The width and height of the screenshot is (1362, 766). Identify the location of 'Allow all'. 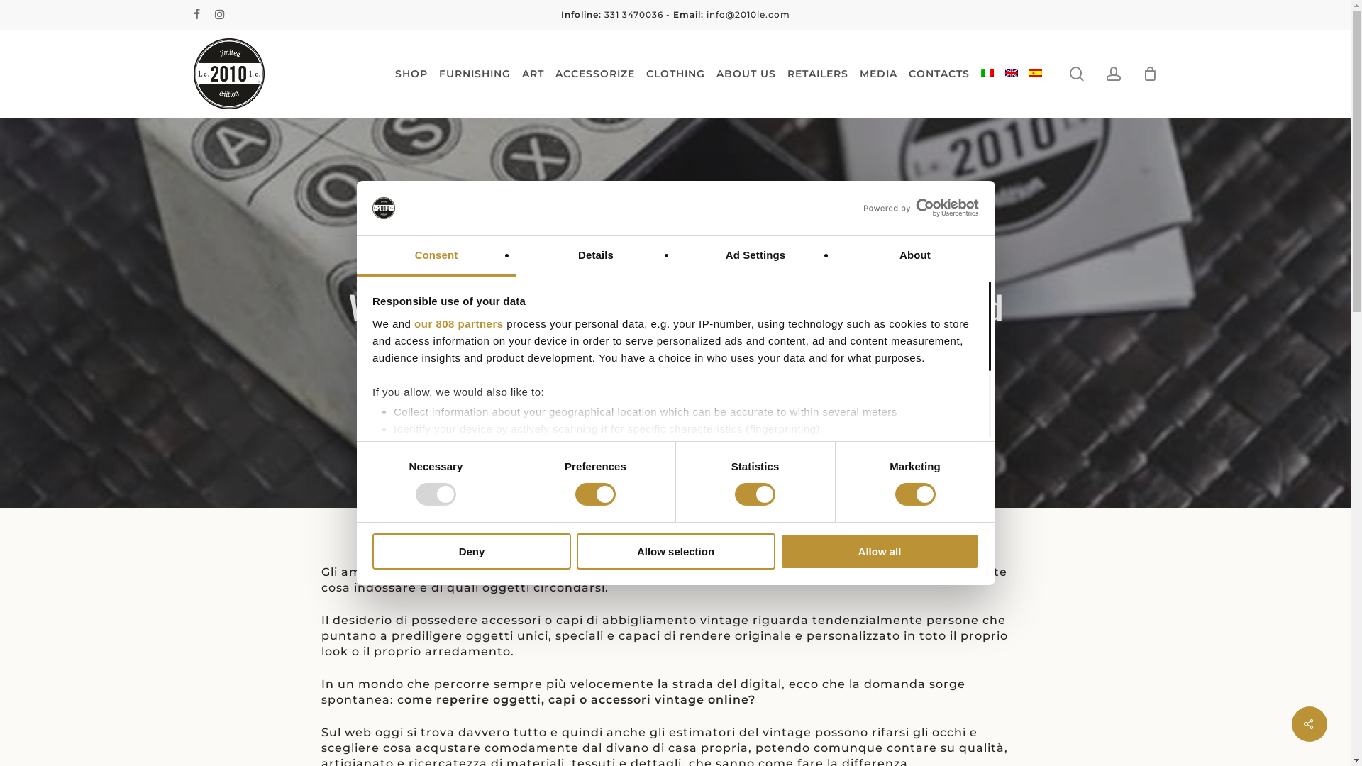
(878, 550).